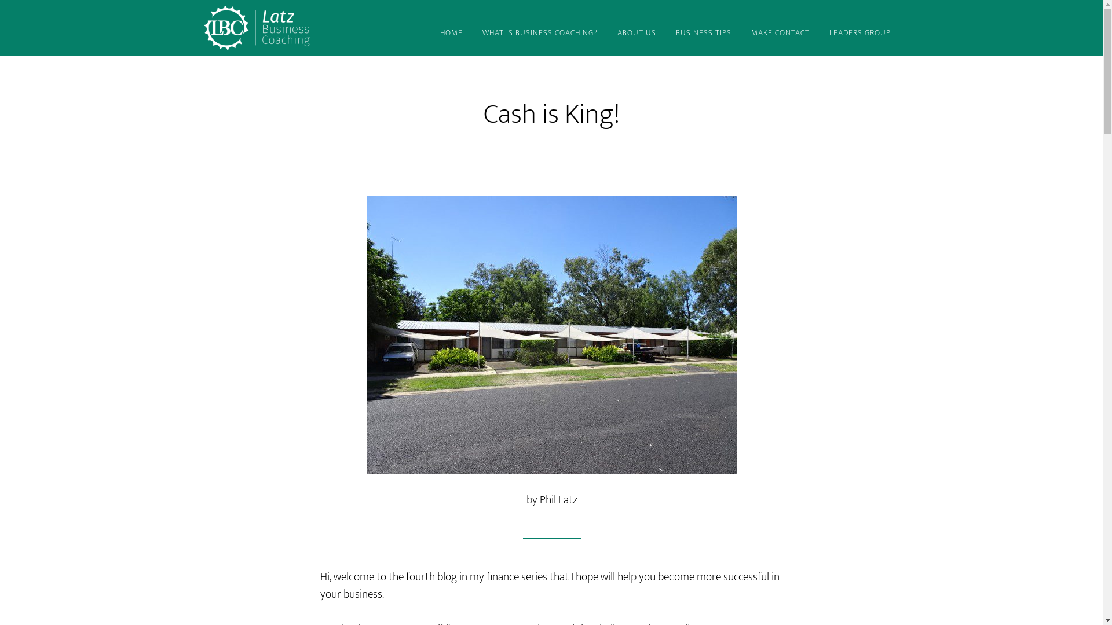 The image size is (1112, 625). Describe the element at coordinates (608, 32) in the screenshot. I see `'ABOUT US'` at that location.